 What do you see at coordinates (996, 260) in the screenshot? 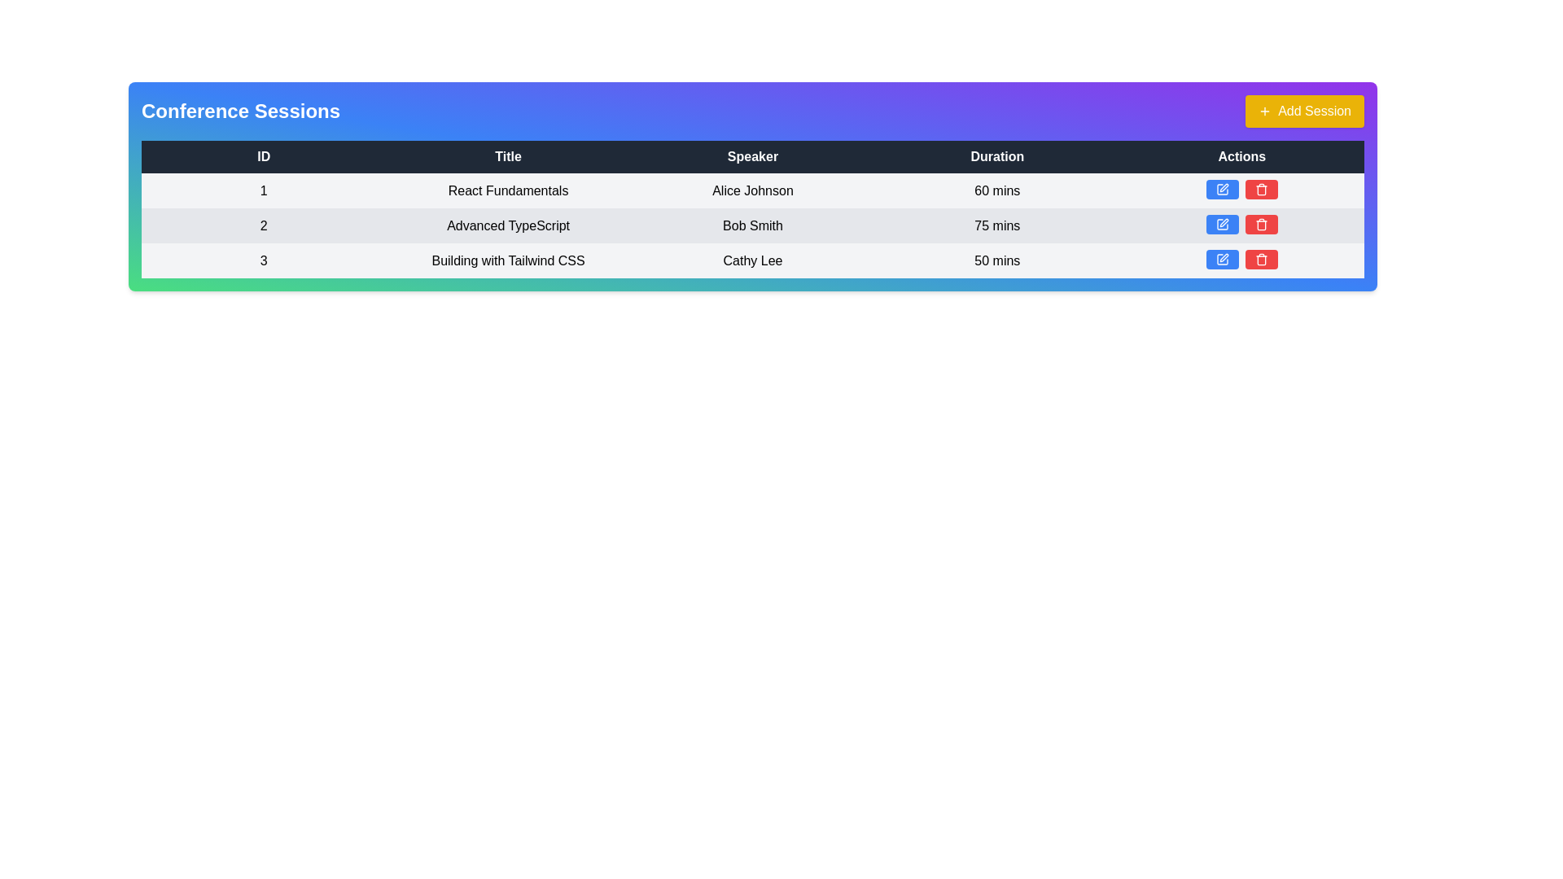
I see `the text label displaying '50 mins' in black font on a light gray background, located in the 'Duration' column for the session 'Building with Tailwind CSS'` at bounding box center [996, 260].